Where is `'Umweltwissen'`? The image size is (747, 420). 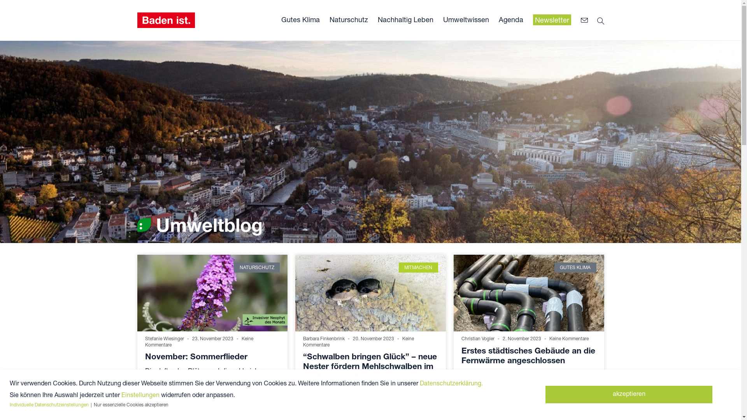 'Umweltwissen' is located at coordinates (465, 19).